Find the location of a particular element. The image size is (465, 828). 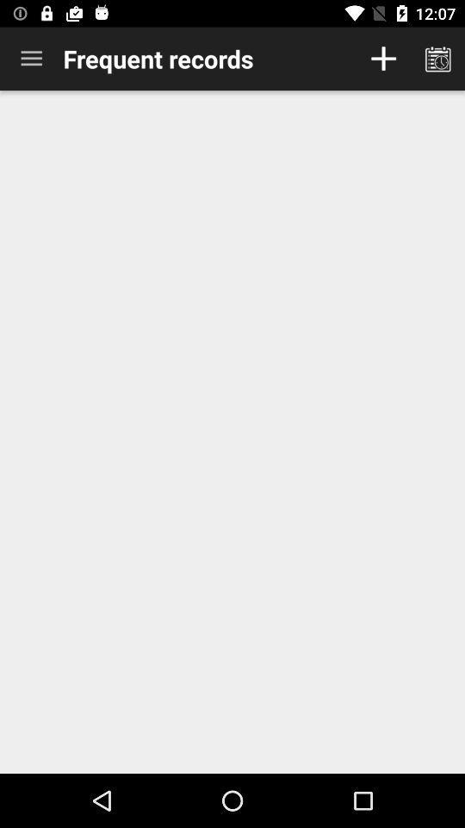

the icon next to the frequent records item is located at coordinates (31, 59).